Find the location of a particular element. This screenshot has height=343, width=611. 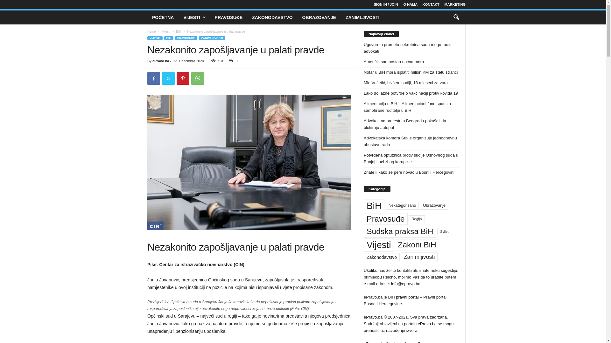

'ePravo.ba' is located at coordinates (161, 61).